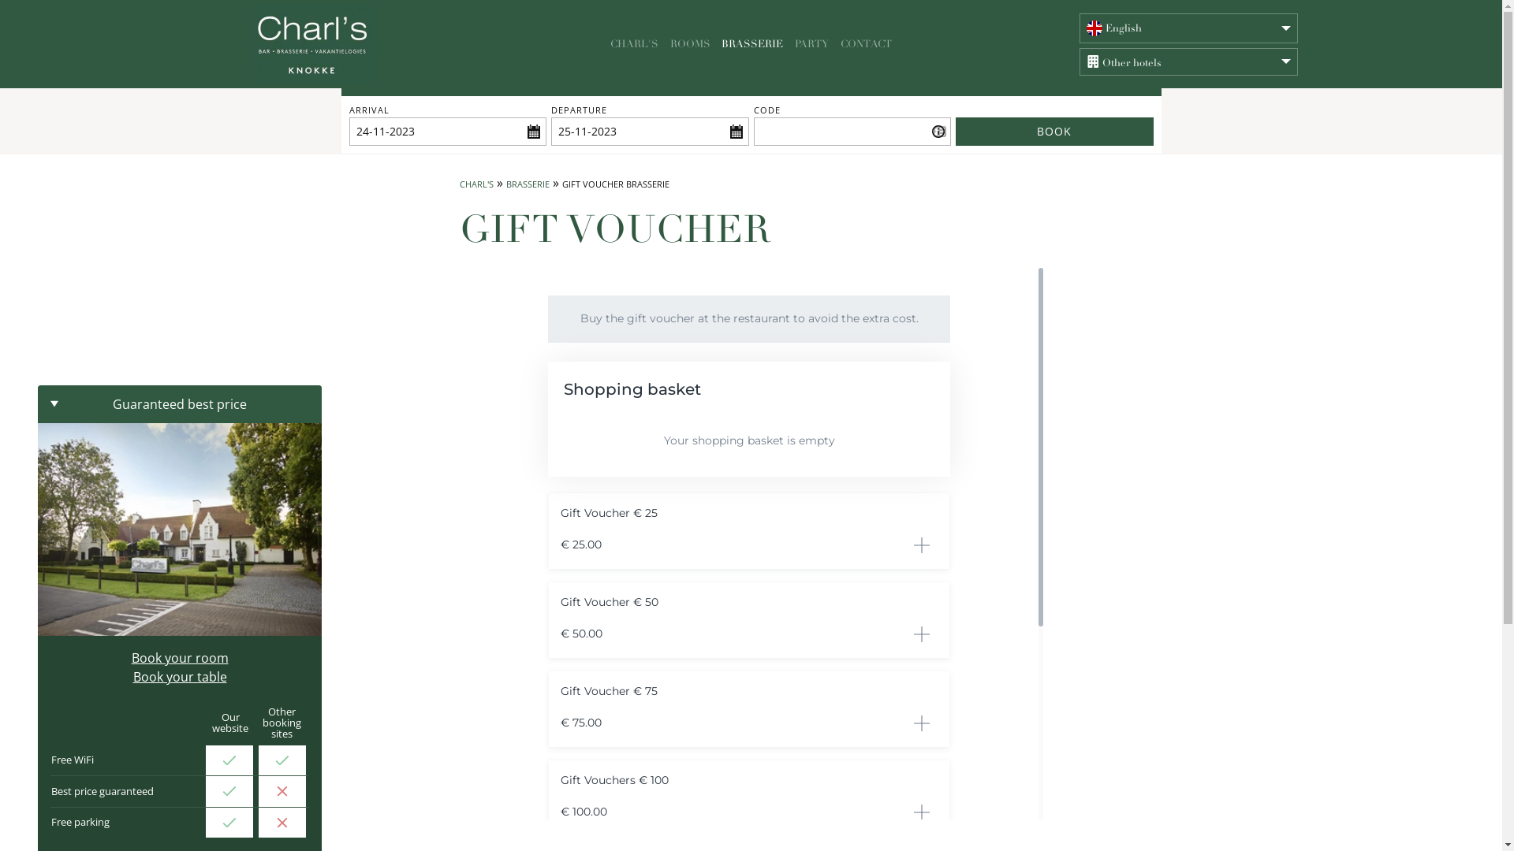 The height and width of the screenshot is (851, 1514). I want to click on 'CONTACT', so click(835, 43).